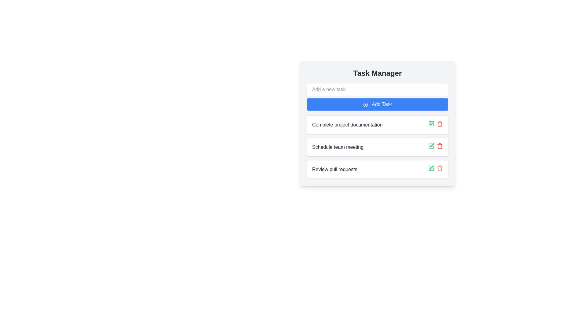 This screenshot has width=587, height=330. I want to click on the green pen icon button located near the right side of the 'Review pull requests' task entry in the task manager, so click(432, 167).